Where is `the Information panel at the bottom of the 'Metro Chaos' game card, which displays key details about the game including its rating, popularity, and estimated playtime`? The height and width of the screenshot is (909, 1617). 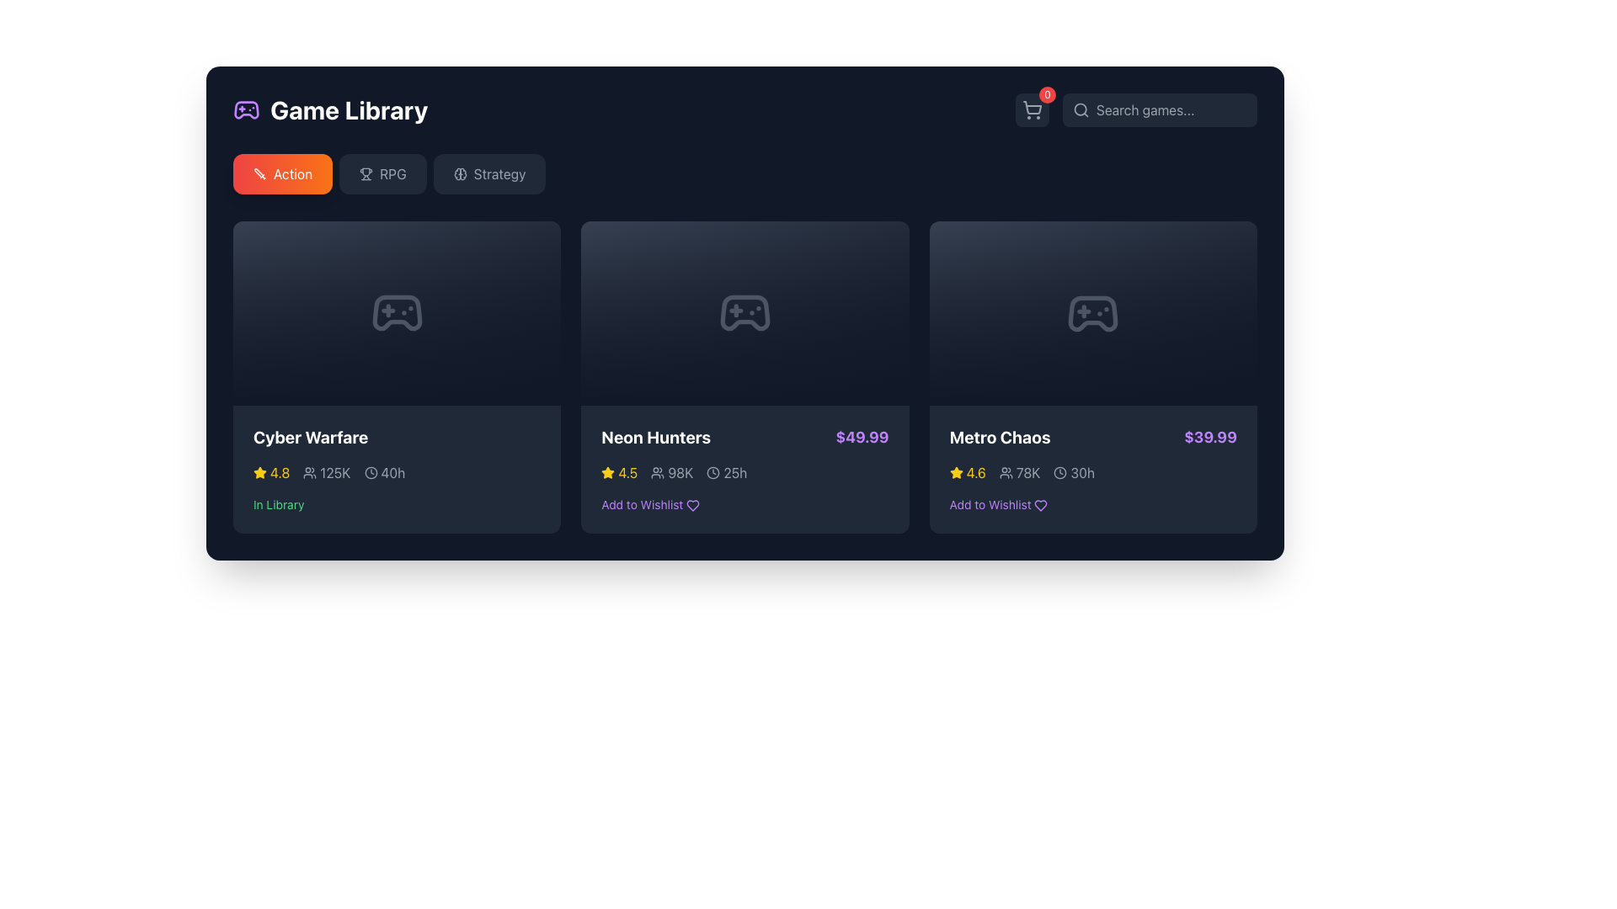 the Information panel at the bottom of the 'Metro Chaos' game card, which displays key details about the game including its rating, popularity, and estimated playtime is located at coordinates (1093, 470).